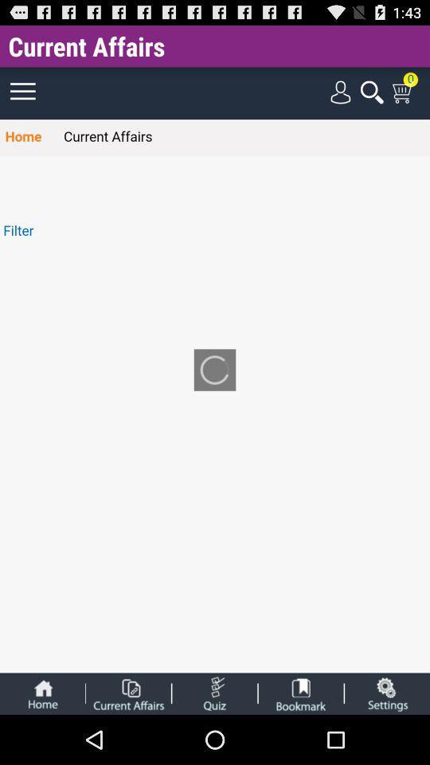 The height and width of the screenshot is (765, 430). What do you see at coordinates (301, 742) in the screenshot?
I see `the avatar icon` at bounding box center [301, 742].